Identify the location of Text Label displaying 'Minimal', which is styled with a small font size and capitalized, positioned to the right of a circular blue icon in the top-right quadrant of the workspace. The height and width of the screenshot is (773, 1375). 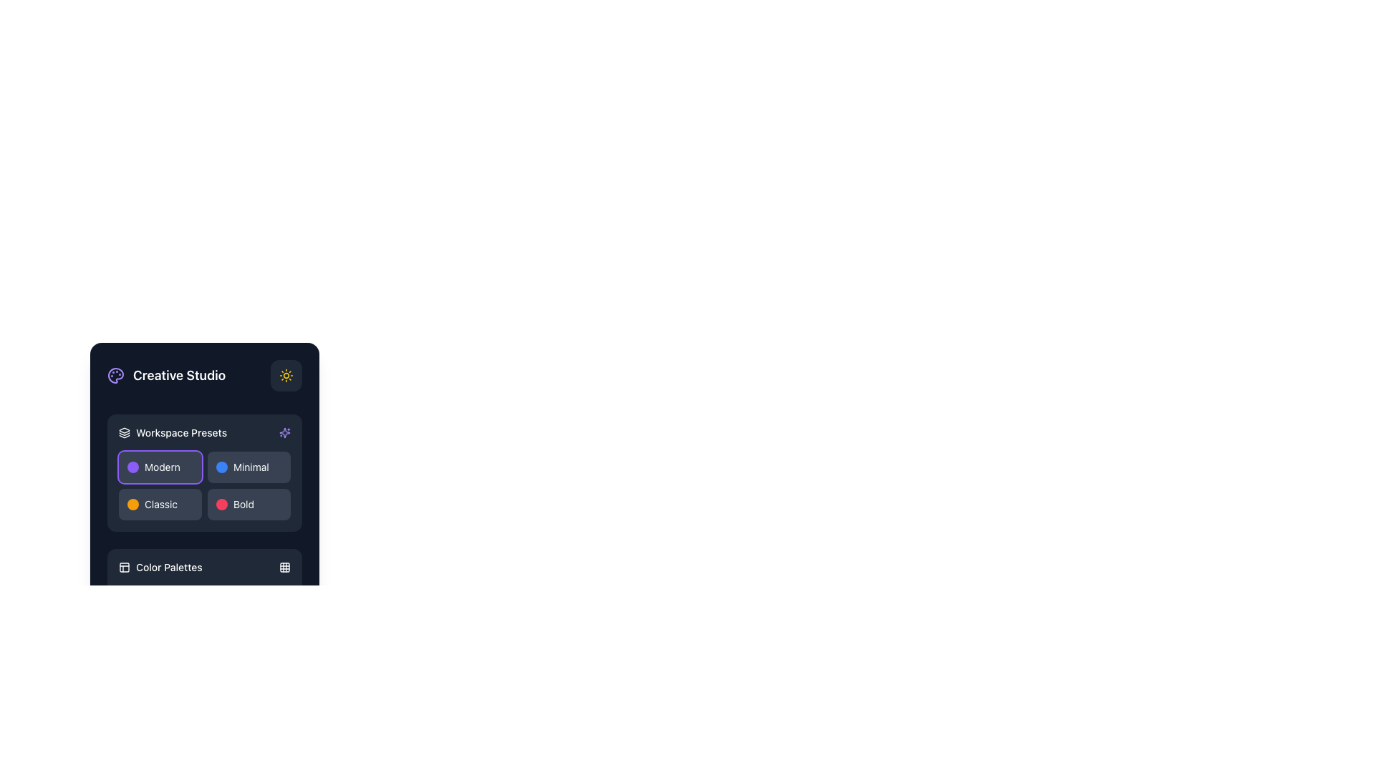
(251, 467).